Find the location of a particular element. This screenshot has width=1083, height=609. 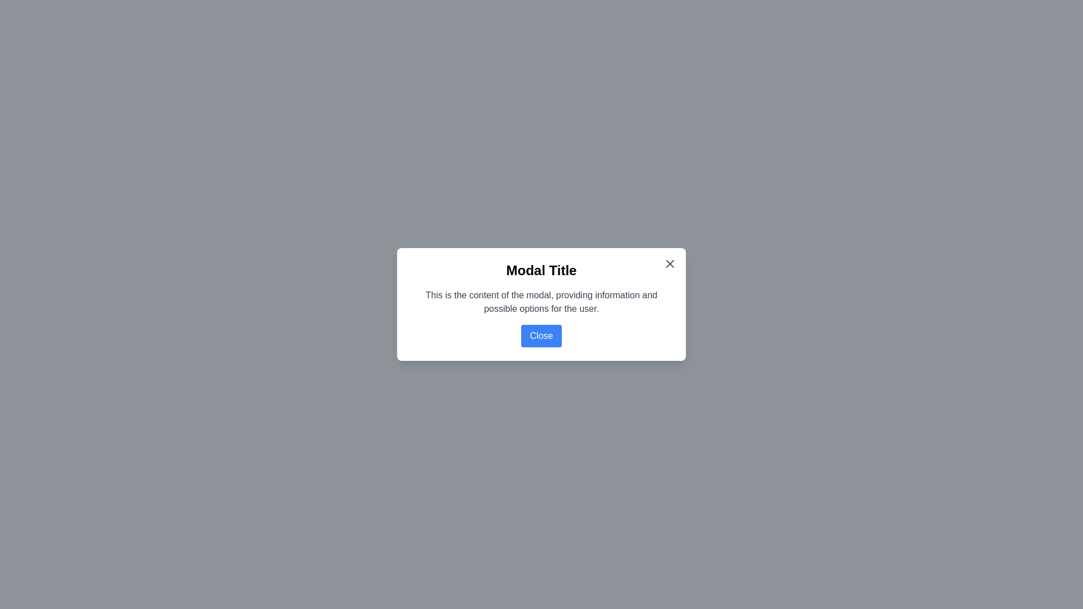

text from the descriptive title located at the top-center of the modal dialog box, which provides an understanding of the modal's purpose is located at coordinates (541, 270).